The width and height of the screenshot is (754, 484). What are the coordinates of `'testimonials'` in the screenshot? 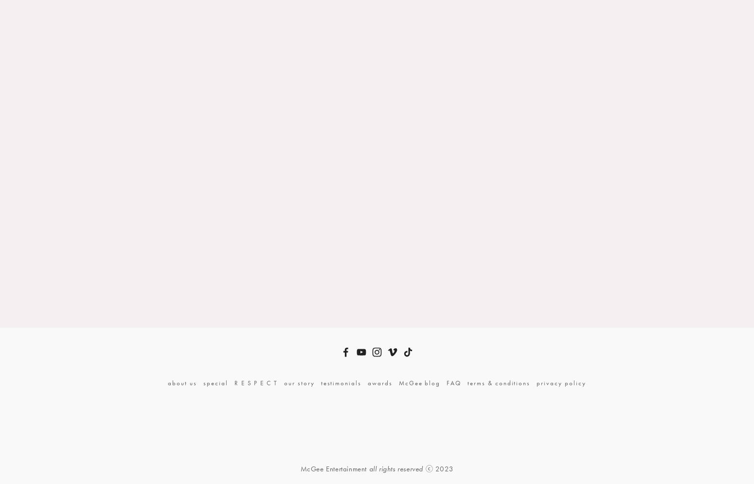 It's located at (320, 382).